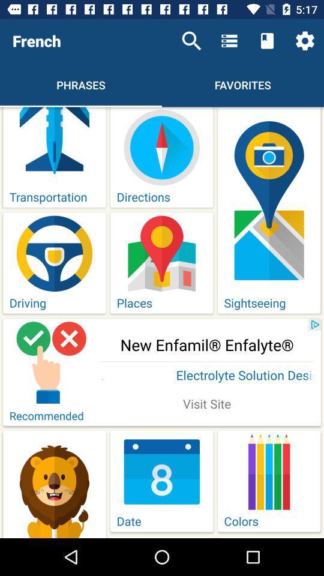 This screenshot has height=576, width=324. What do you see at coordinates (191, 41) in the screenshot?
I see `the item to the right of the french icon` at bounding box center [191, 41].